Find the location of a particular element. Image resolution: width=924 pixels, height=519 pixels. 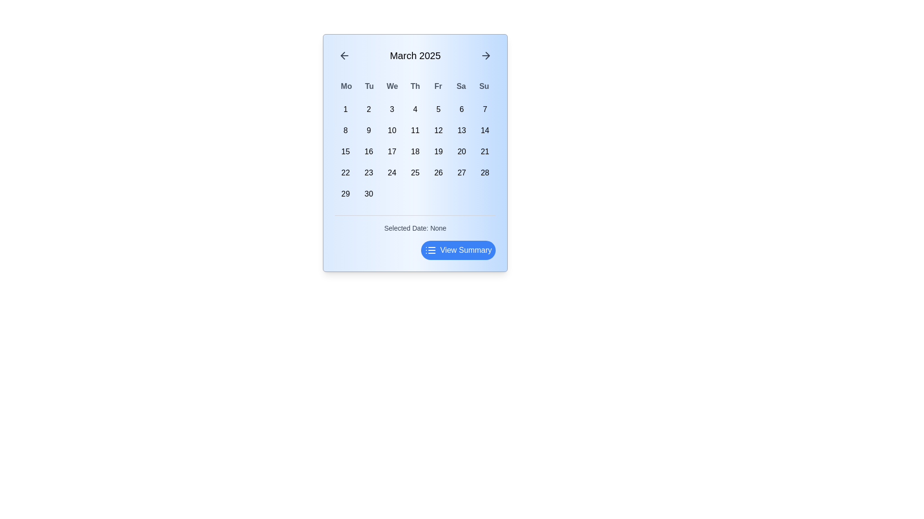

the navigation button that allows users to switch to the previous month in the calendar interface, located to the left of 'March 2025' is located at coordinates (344, 55).